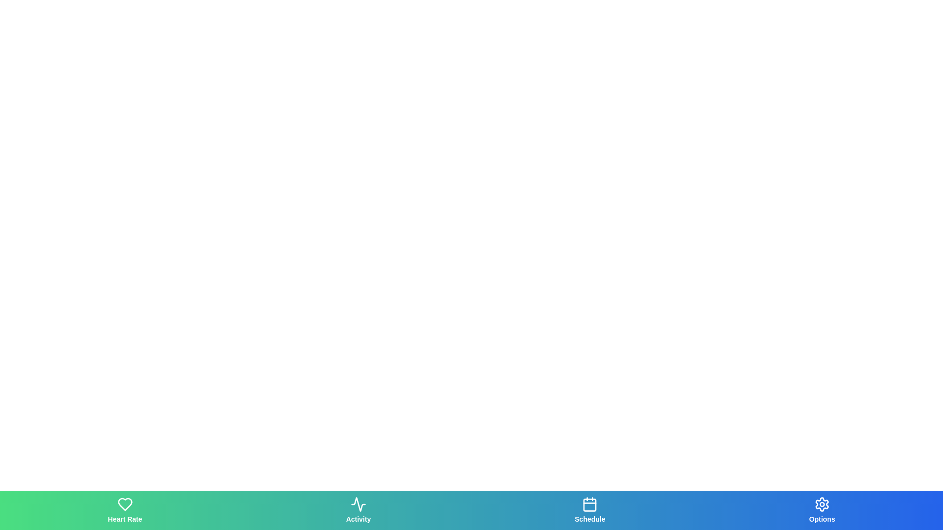 This screenshot has height=530, width=943. I want to click on the Options tab to navigate, so click(822, 510).